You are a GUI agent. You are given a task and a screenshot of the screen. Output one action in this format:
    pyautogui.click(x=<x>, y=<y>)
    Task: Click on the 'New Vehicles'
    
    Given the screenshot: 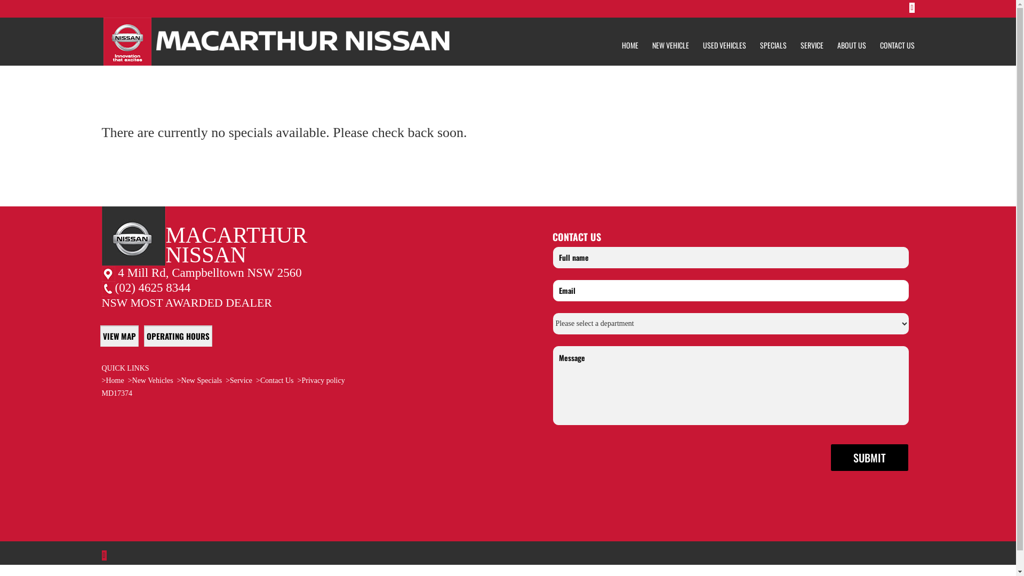 What is the action you would take?
    pyautogui.click(x=152, y=380)
    